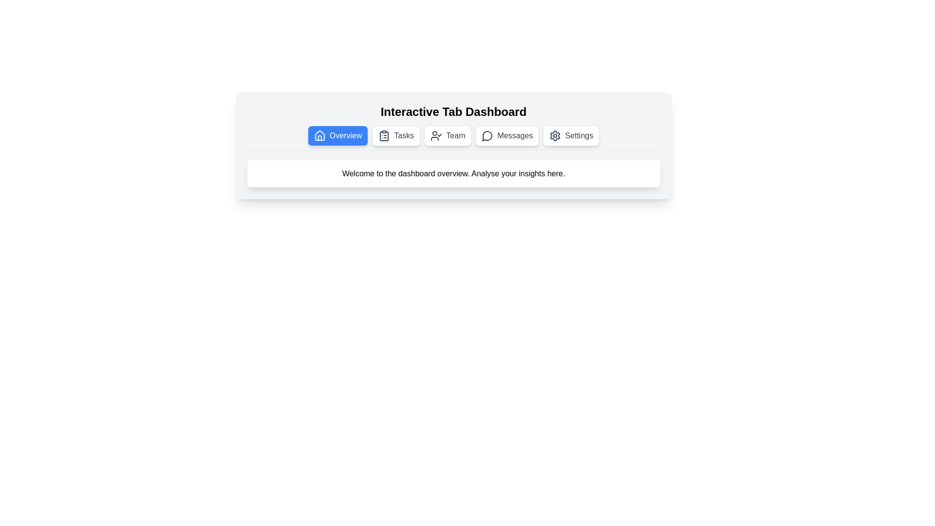 The image size is (935, 526). Describe the element at coordinates (487, 135) in the screenshot. I see `the circular message bubble icon located to the left of the 'Messages' tab in the main navigation bar` at that location.